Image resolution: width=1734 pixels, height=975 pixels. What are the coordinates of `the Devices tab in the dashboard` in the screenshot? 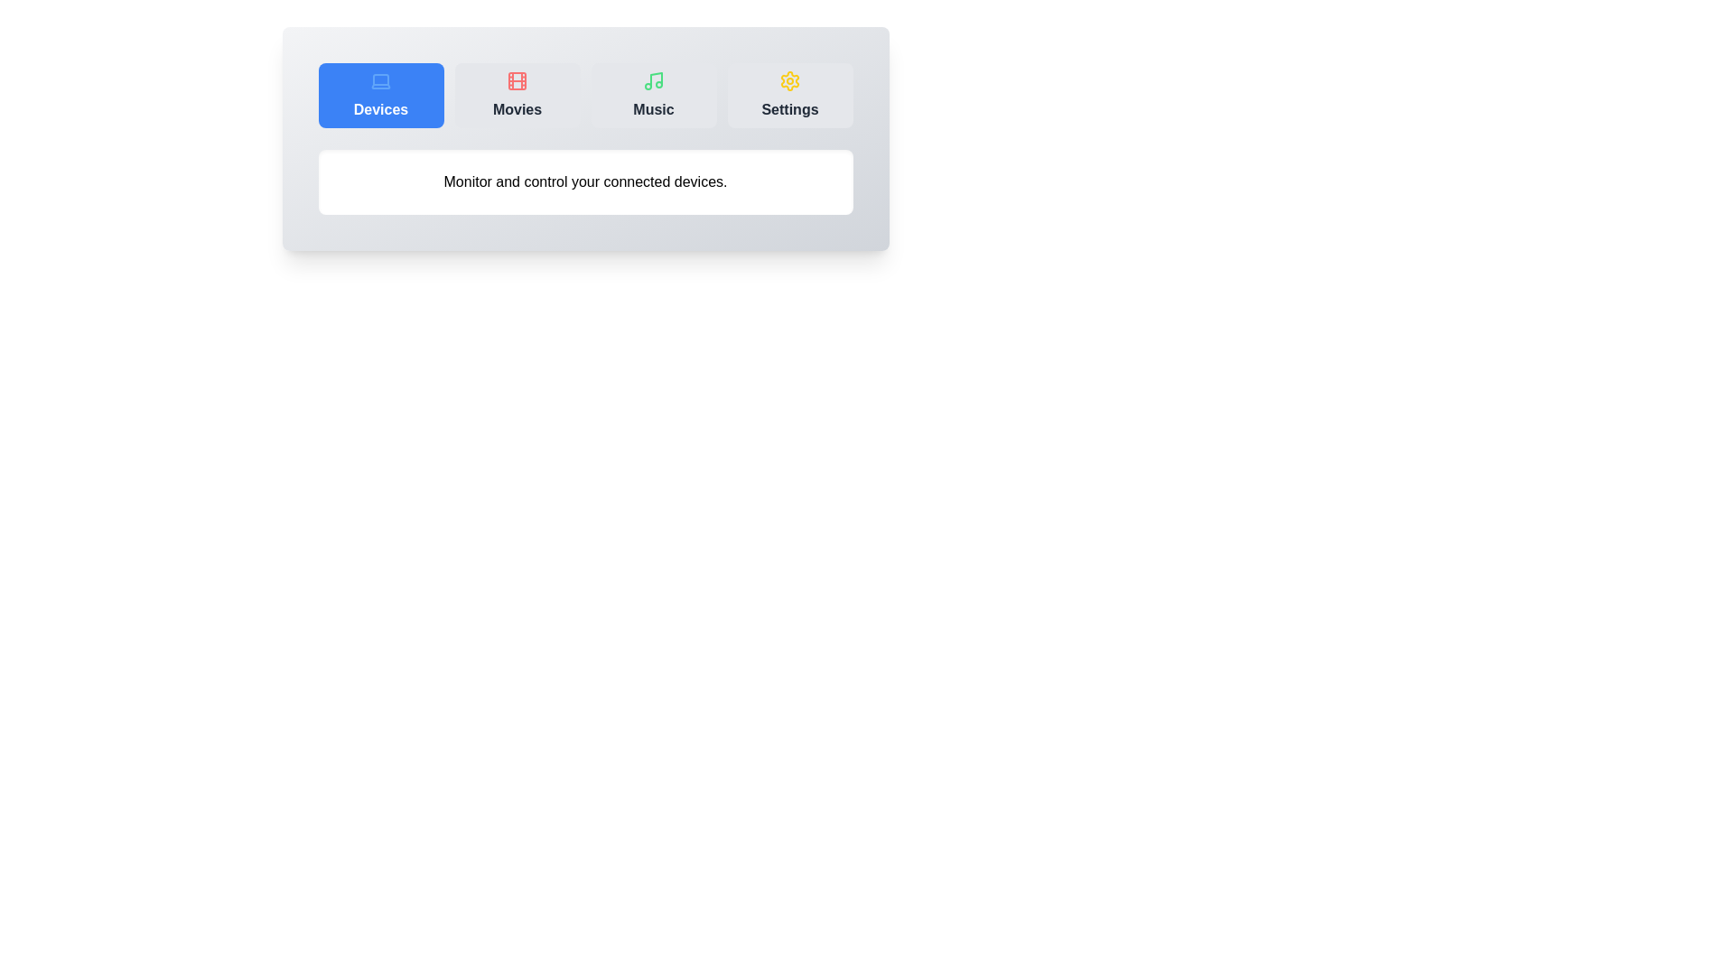 It's located at (380, 95).